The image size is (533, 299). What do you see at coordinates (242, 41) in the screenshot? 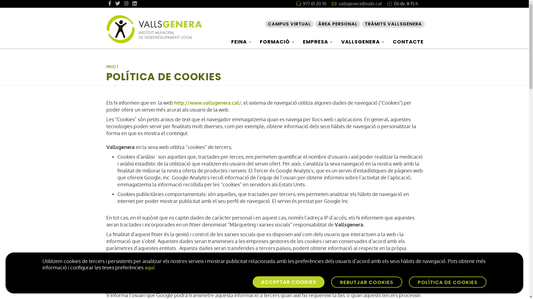
I see `'FEINA'` at bounding box center [242, 41].